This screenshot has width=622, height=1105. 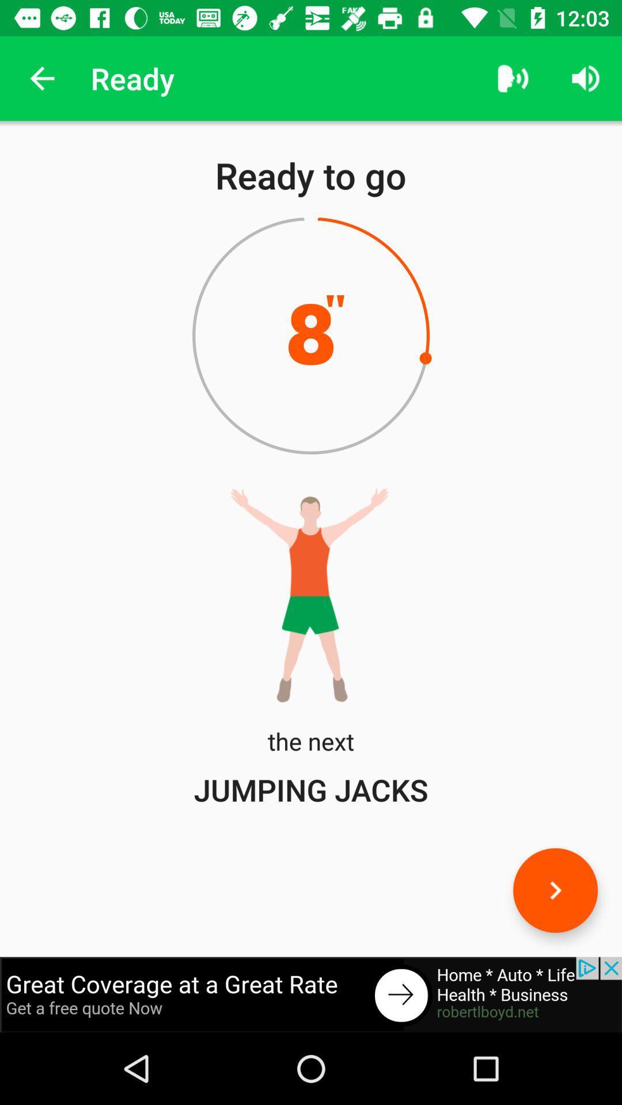 I want to click on start workout, so click(x=555, y=890).